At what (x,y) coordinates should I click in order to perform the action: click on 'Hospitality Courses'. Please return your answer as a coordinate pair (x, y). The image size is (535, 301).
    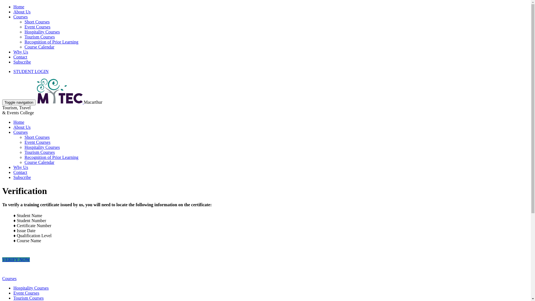
    Looking at the image, I should click on (42, 32).